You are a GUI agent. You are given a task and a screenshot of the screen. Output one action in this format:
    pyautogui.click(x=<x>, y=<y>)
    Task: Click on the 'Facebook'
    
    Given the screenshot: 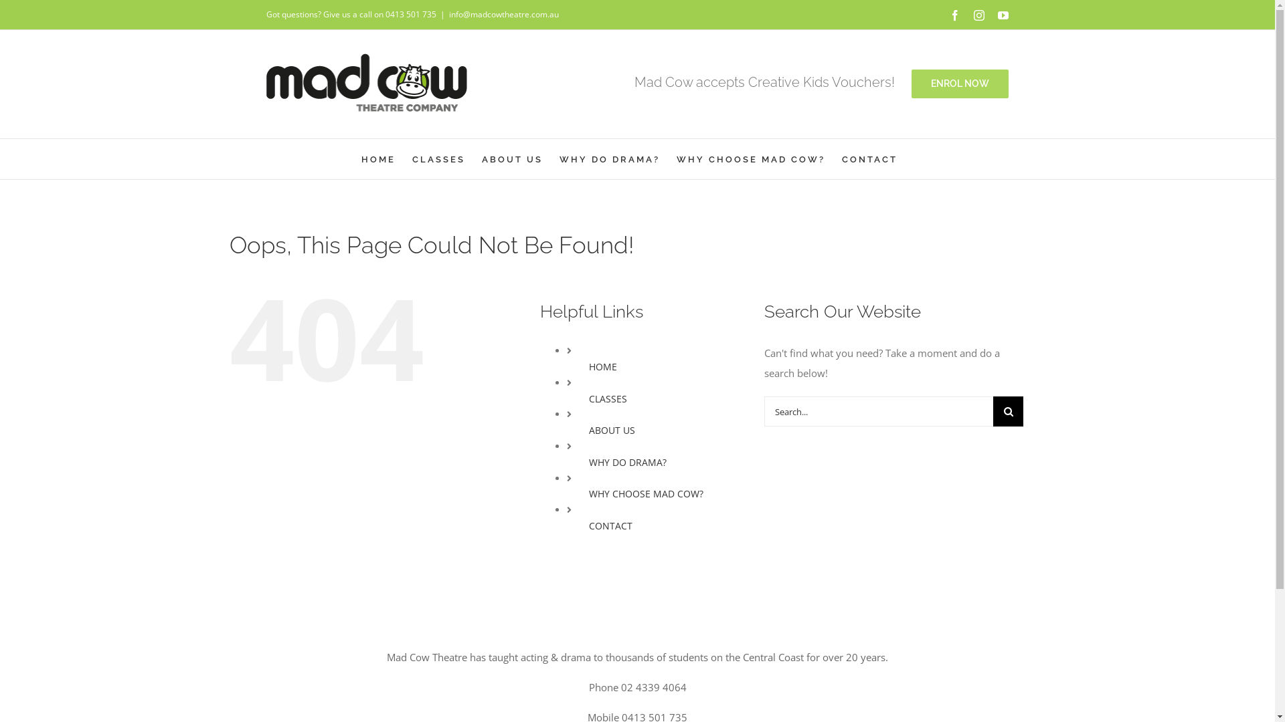 What is the action you would take?
    pyautogui.click(x=949, y=15)
    